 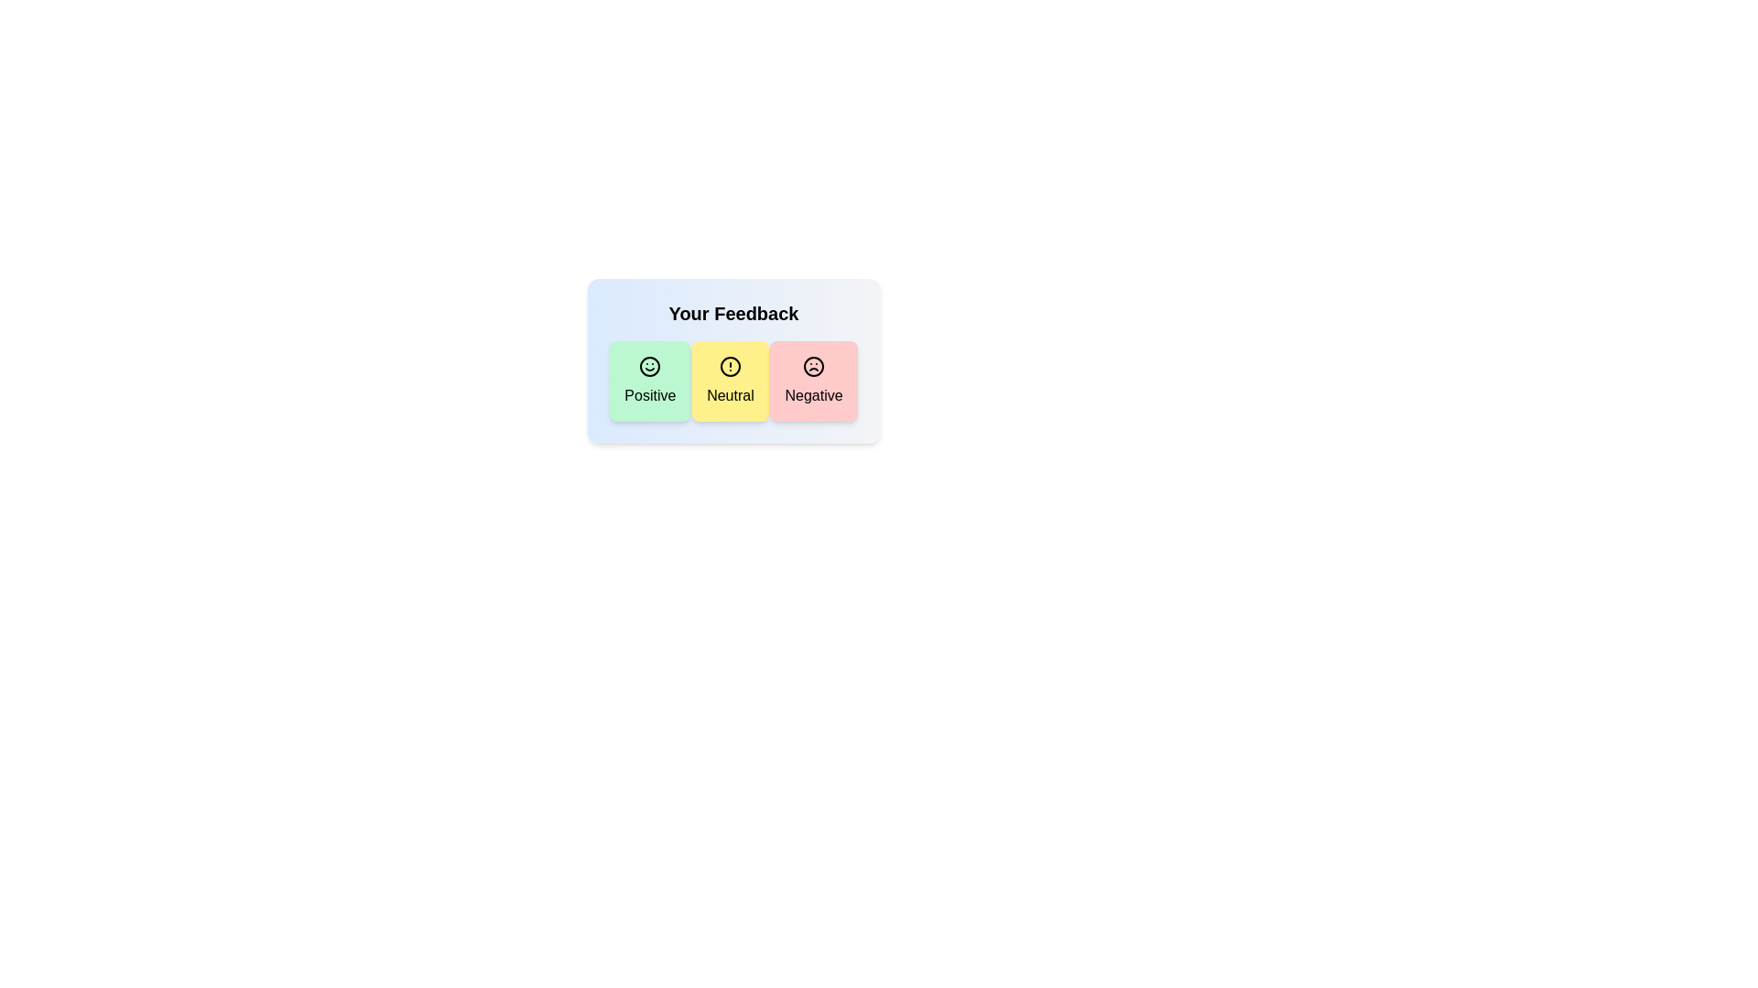 What do you see at coordinates (812, 367) in the screenshot?
I see `the frowning face icon within the red feedback box labeled 'Negative'` at bounding box center [812, 367].